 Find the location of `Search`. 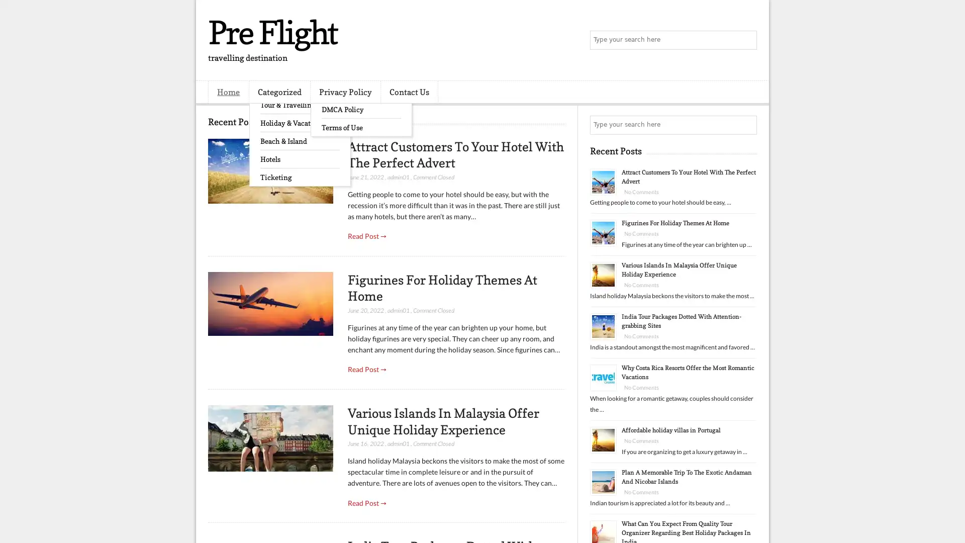

Search is located at coordinates (746, 40).